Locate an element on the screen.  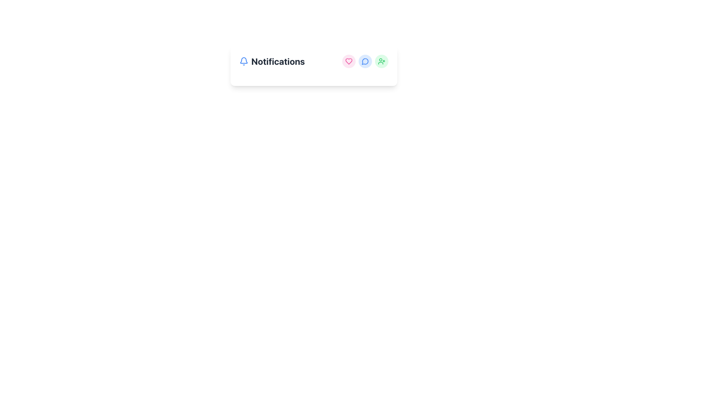
the green user icon with a '+' sign in the notification bar is located at coordinates (382, 61).